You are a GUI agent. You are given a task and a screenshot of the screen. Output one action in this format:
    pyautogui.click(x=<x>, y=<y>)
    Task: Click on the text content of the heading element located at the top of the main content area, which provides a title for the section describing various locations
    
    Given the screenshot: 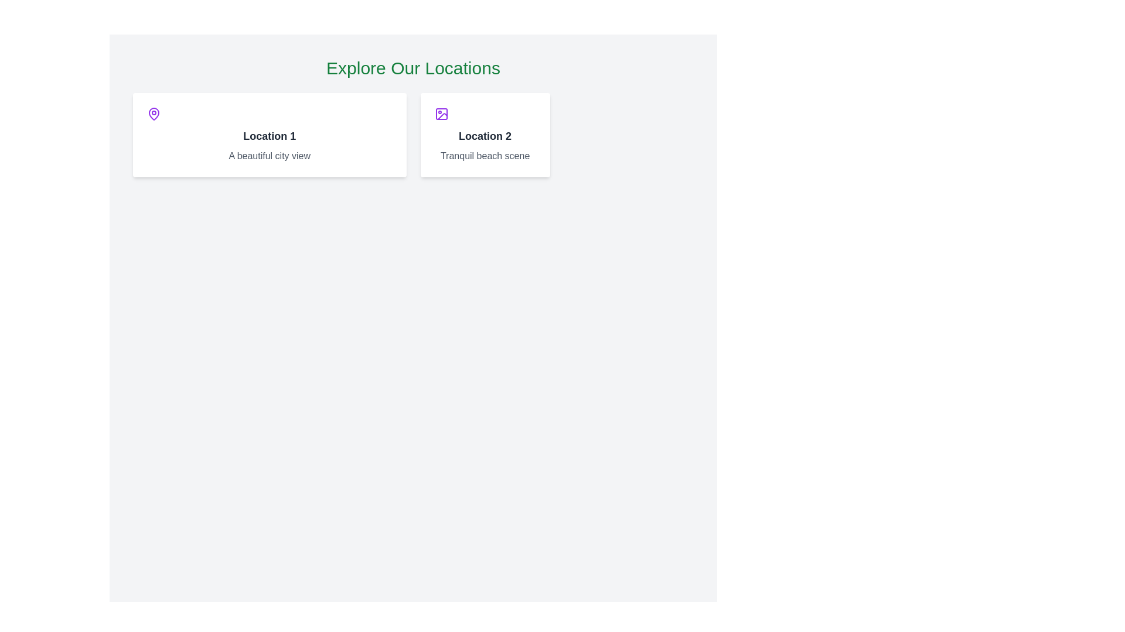 What is the action you would take?
    pyautogui.click(x=413, y=68)
    